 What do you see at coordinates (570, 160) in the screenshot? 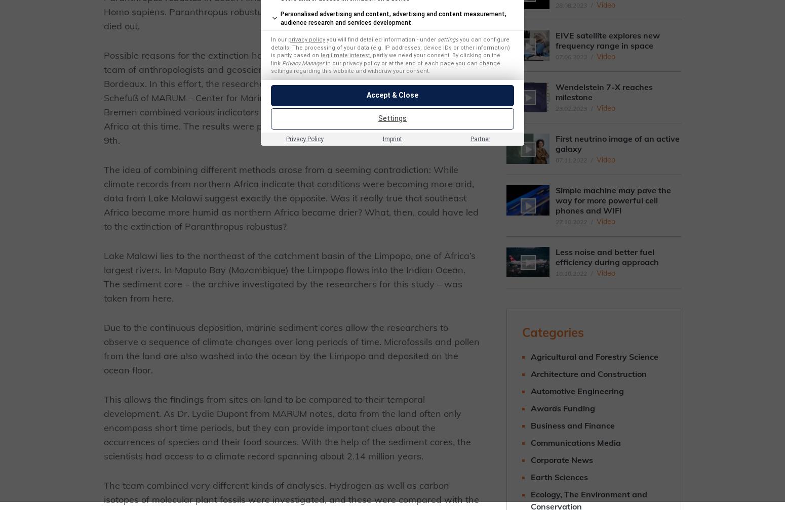
I see `'07.11.2022'` at bounding box center [570, 160].